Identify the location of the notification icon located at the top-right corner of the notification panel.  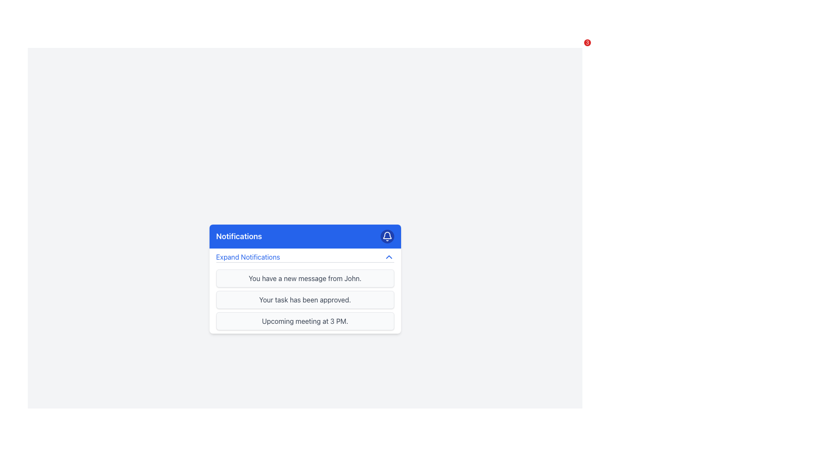
(387, 235).